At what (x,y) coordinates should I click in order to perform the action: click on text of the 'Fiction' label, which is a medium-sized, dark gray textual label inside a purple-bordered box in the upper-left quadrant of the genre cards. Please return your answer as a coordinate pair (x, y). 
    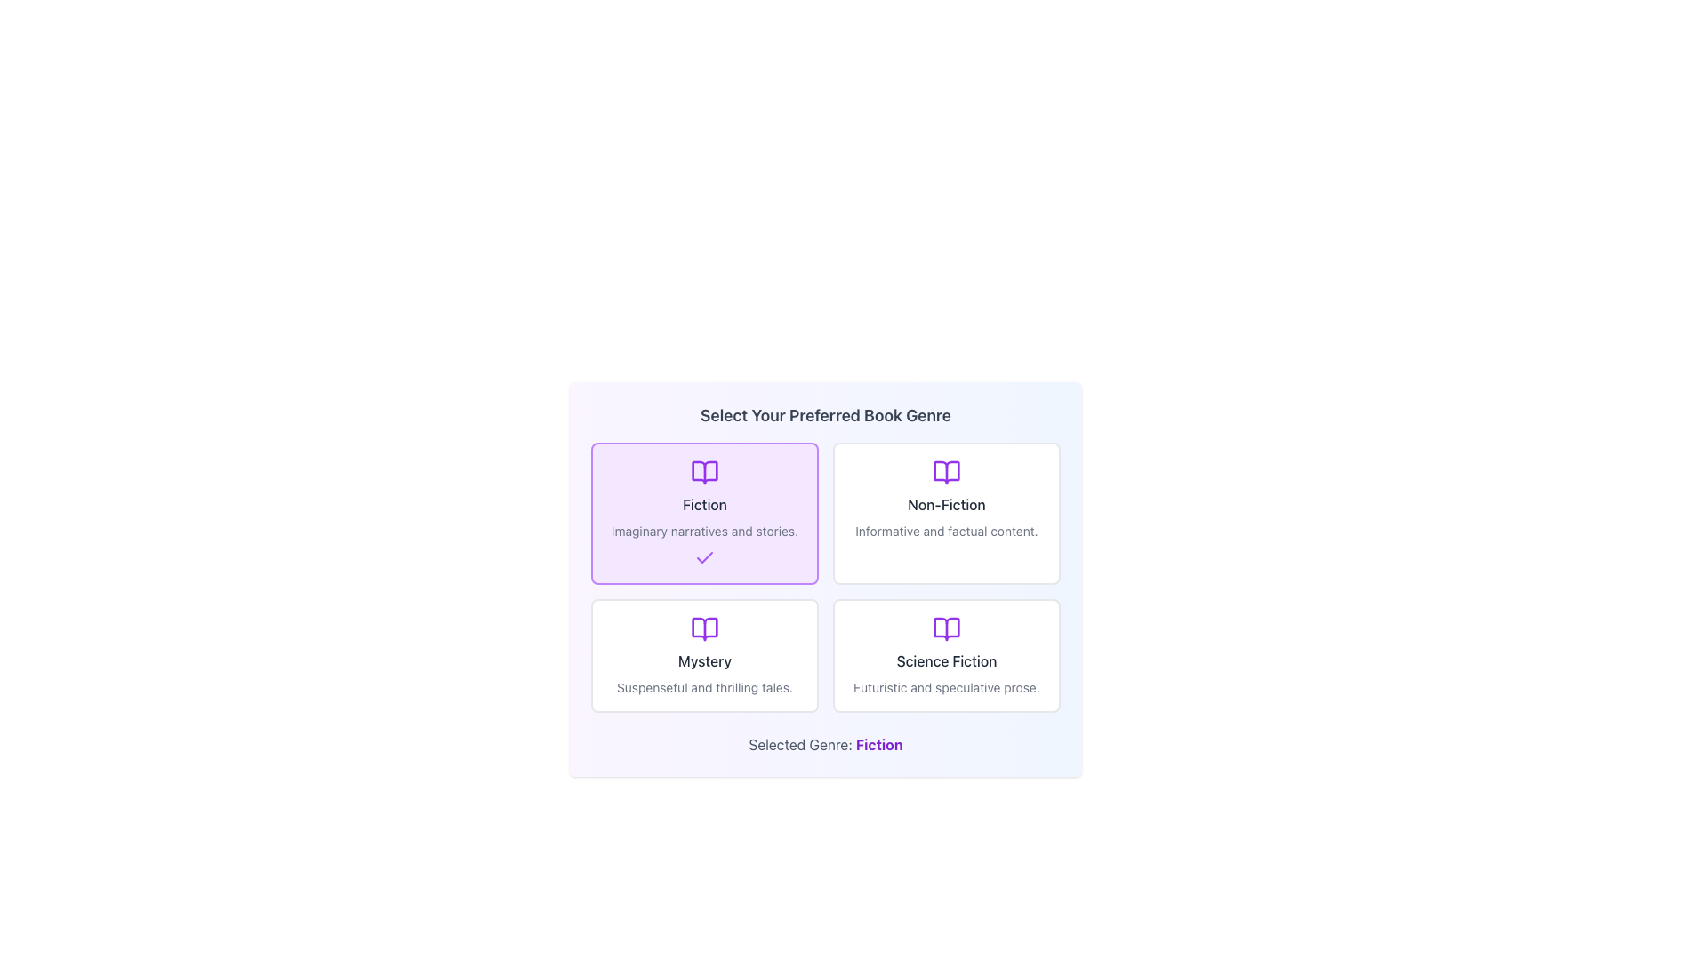
    Looking at the image, I should click on (703, 504).